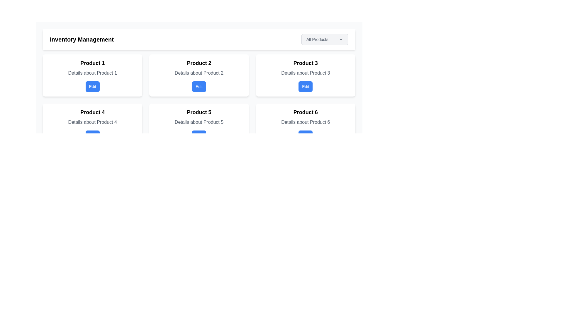 The height and width of the screenshot is (316, 563). I want to click on the 'Edit' button on the product information card located in the third position of the upper row of the grid layout, so click(305, 75).